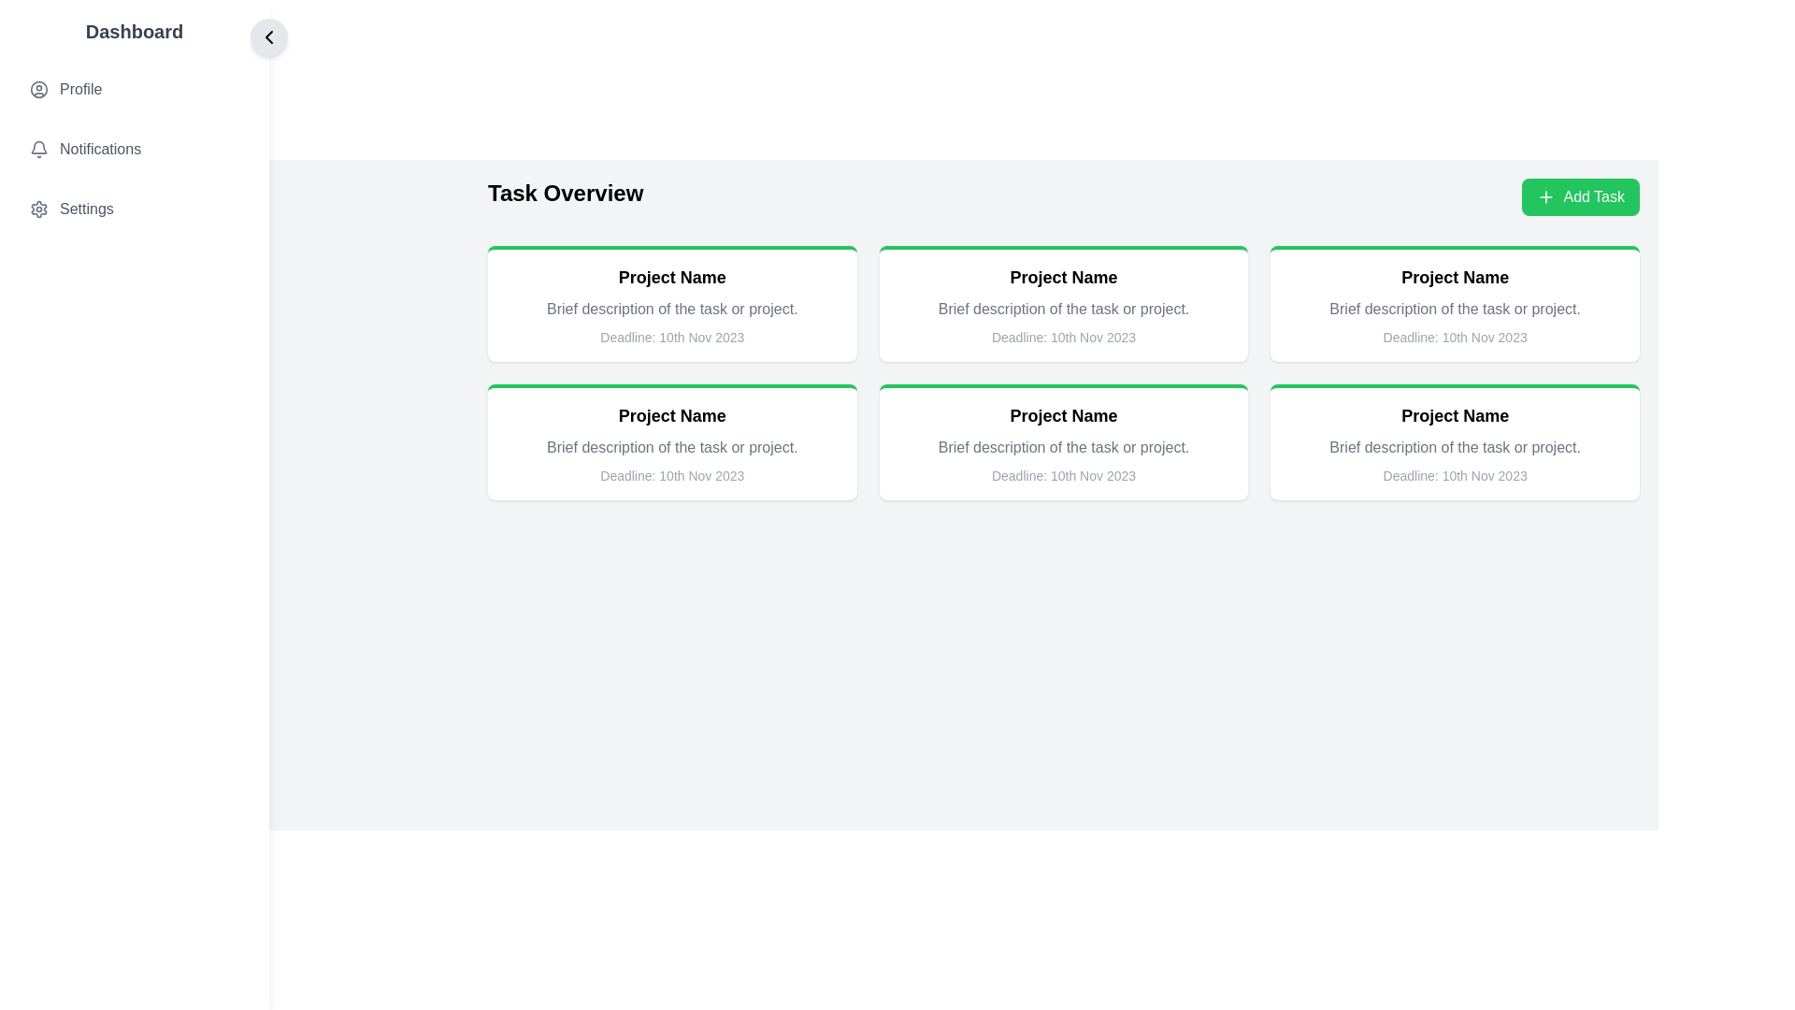 The height and width of the screenshot is (1010, 1795). What do you see at coordinates (672, 475) in the screenshot?
I see `the non-interactive informational Text label indicating the due date of the associated task or project, located at the bottom of the task details card` at bounding box center [672, 475].